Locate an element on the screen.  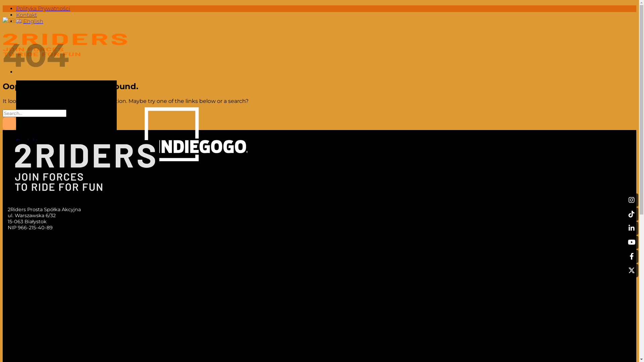
'English' is located at coordinates (29, 21).